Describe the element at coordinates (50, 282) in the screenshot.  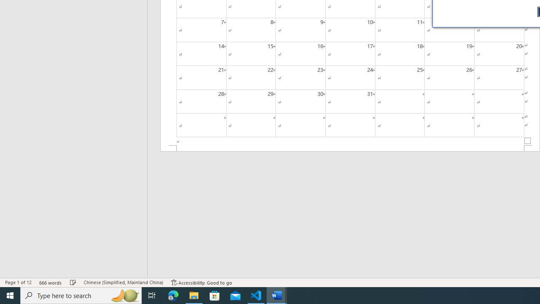
I see `'Word Count 666 words'` at that location.